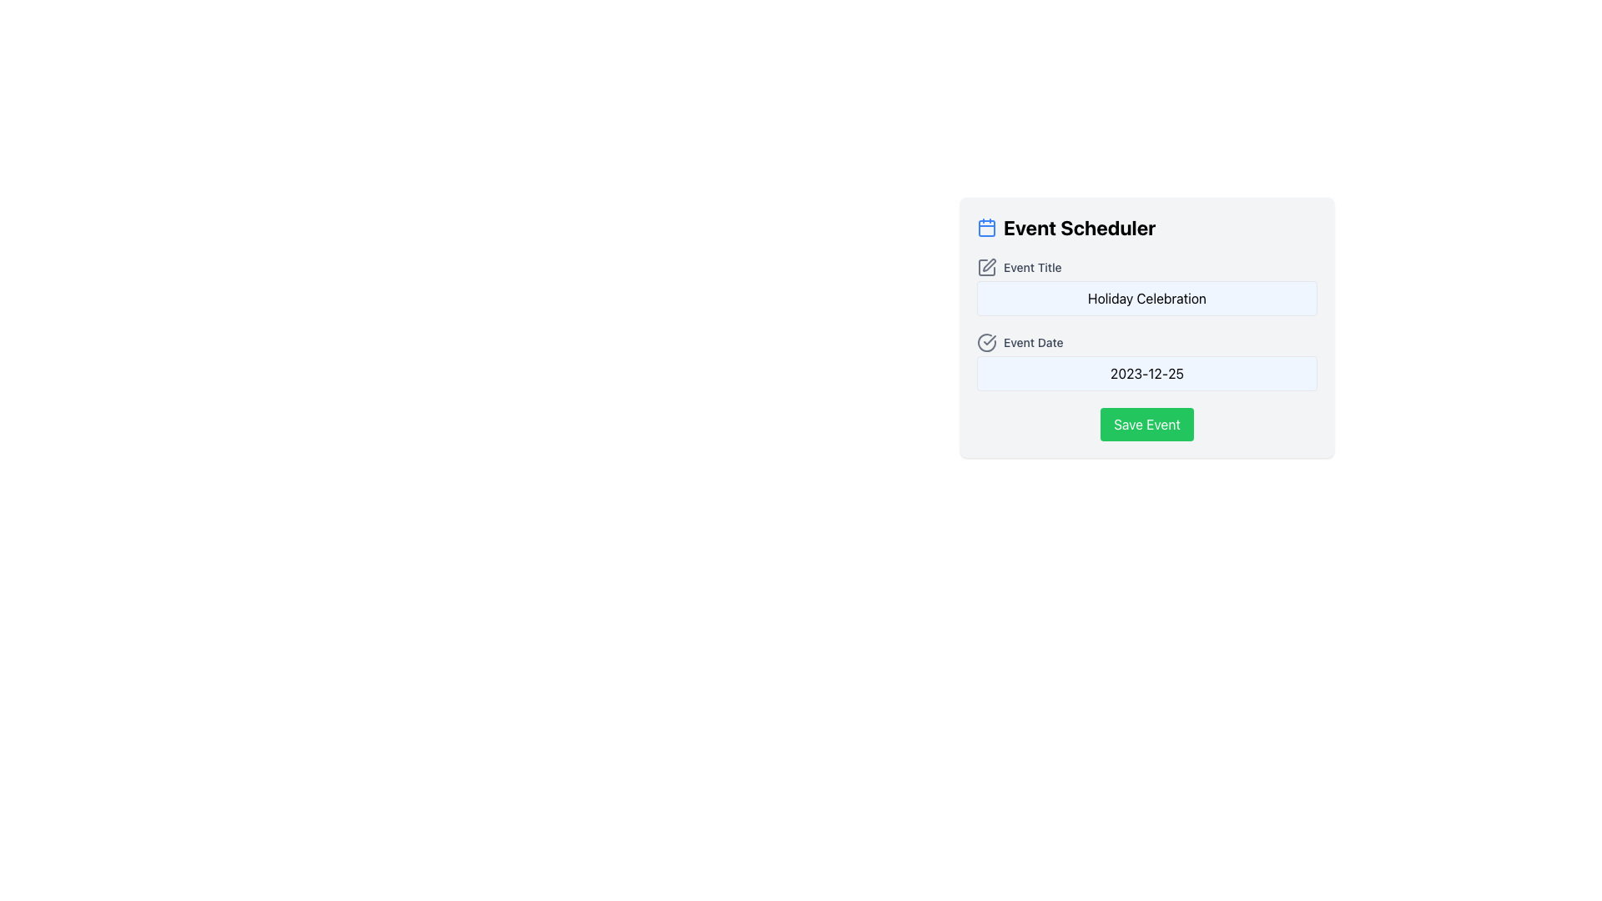 The height and width of the screenshot is (901, 1602). What do you see at coordinates (986, 342) in the screenshot?
I see `the SVG icon styled as a circled check mark, which is gray in color and part of the label block containing 'Event Date'` at bounding box center [986, 342].